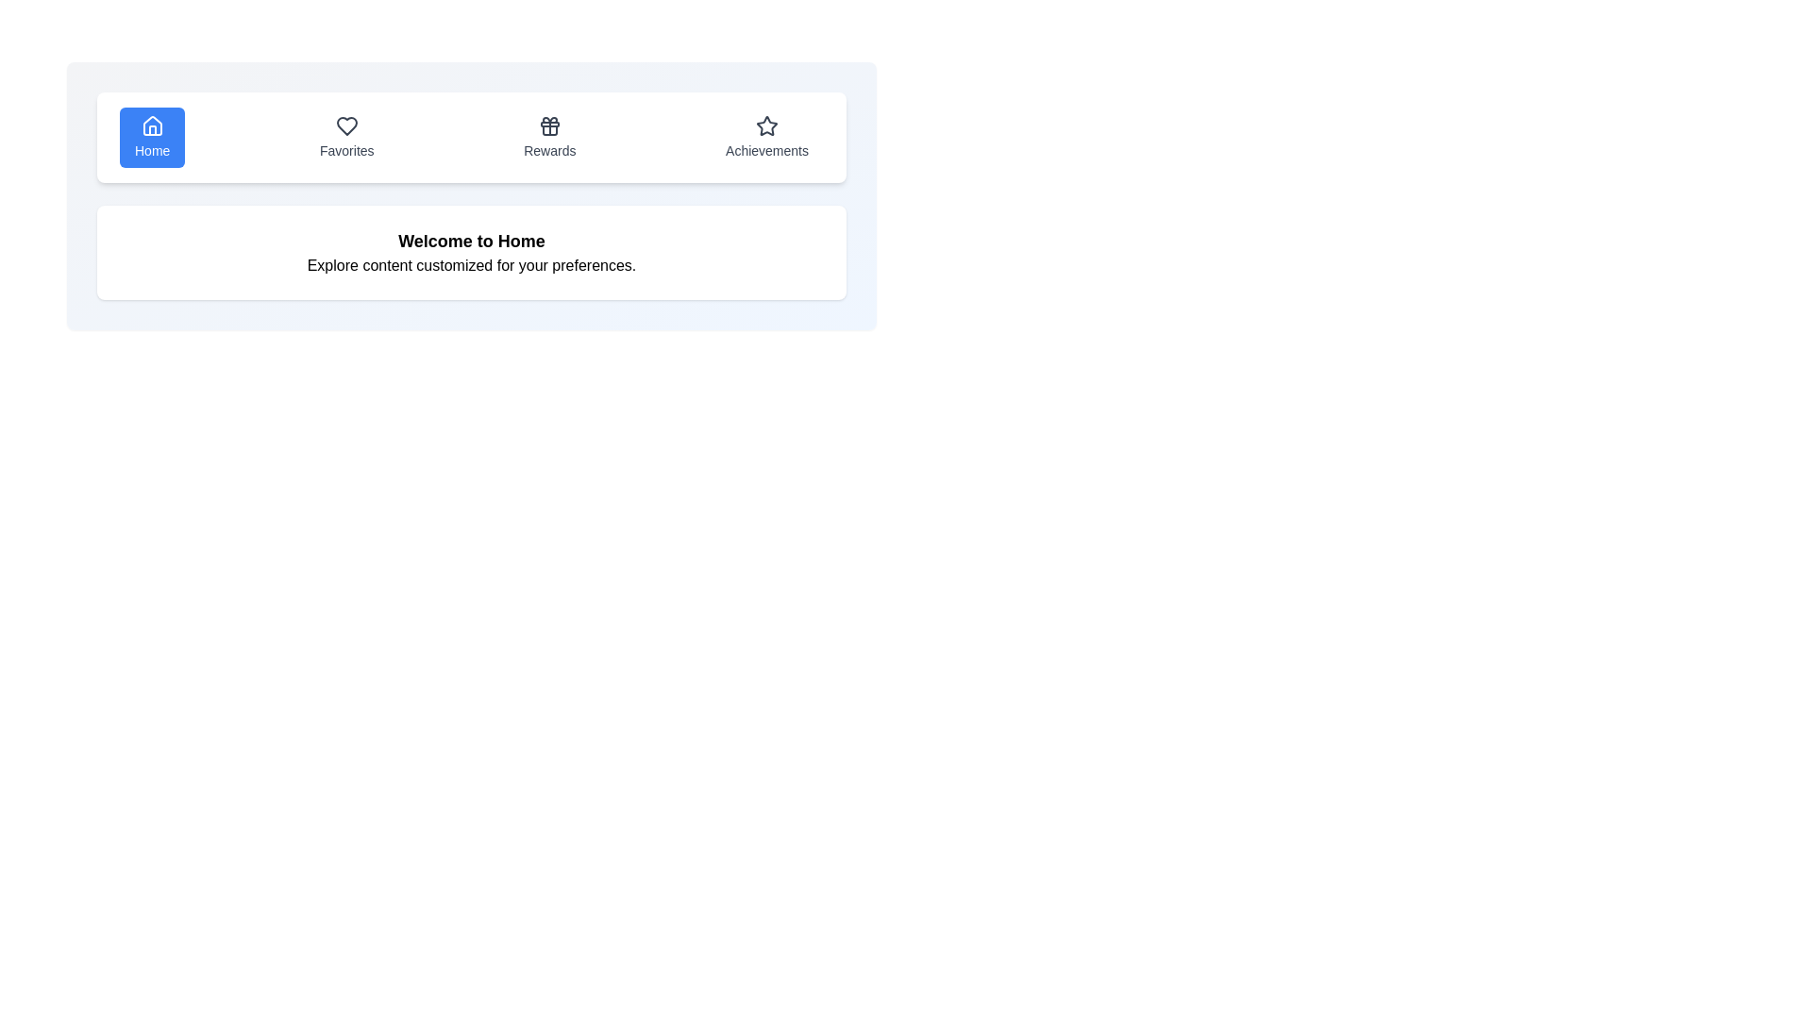 The image size is (1812, 1019). I want to click on the star-shaped 'Achievements' icon in the top navigation bar, so click(767, 125).